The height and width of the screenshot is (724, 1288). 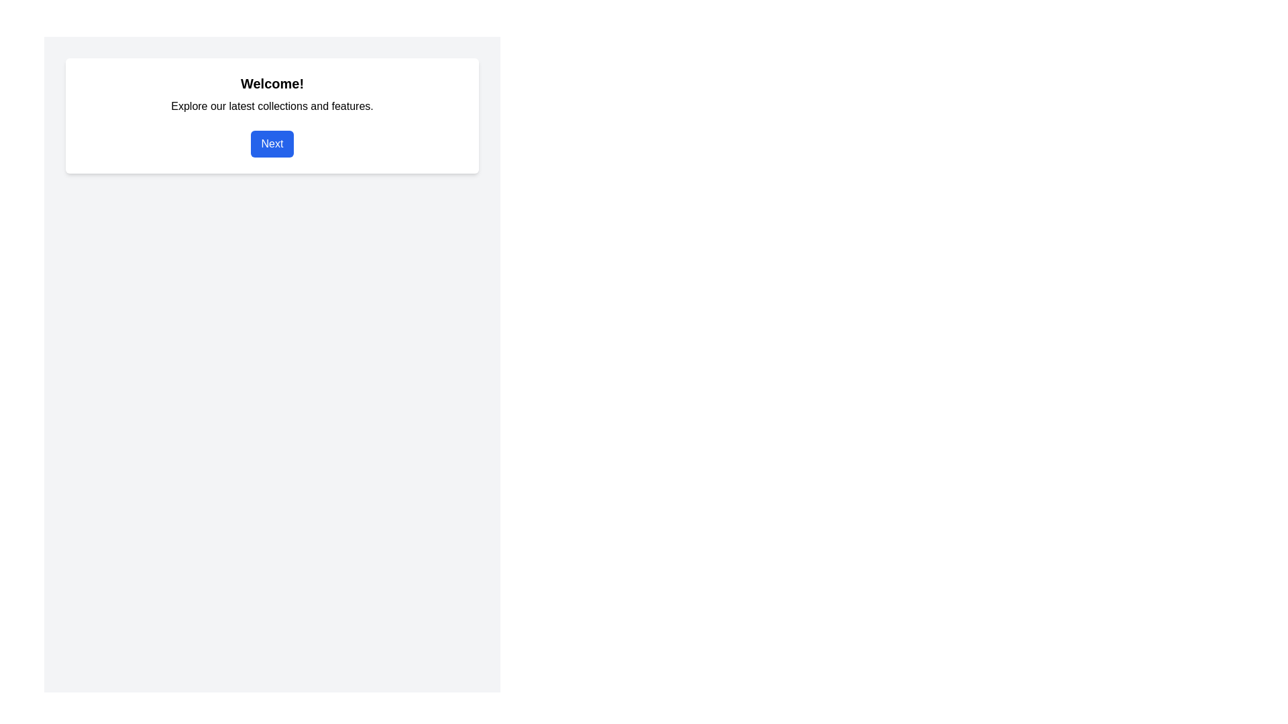 I want to click on the rectangular 'Next' button with white text on a blue background, which is the second button in a horizontal stack, so click(x=272, y=144).